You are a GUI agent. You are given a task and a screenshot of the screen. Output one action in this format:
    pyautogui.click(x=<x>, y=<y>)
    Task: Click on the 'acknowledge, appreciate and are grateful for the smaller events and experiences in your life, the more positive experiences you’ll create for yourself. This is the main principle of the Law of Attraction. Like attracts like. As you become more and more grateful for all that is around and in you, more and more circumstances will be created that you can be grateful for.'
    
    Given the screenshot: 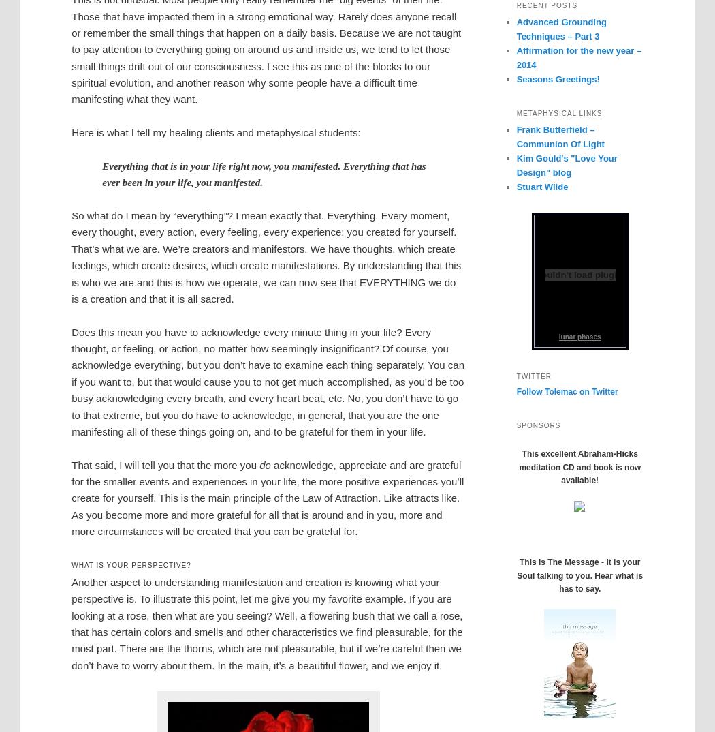 What is the action you would take?
    pyautogui.click(x=268, y=498)
    